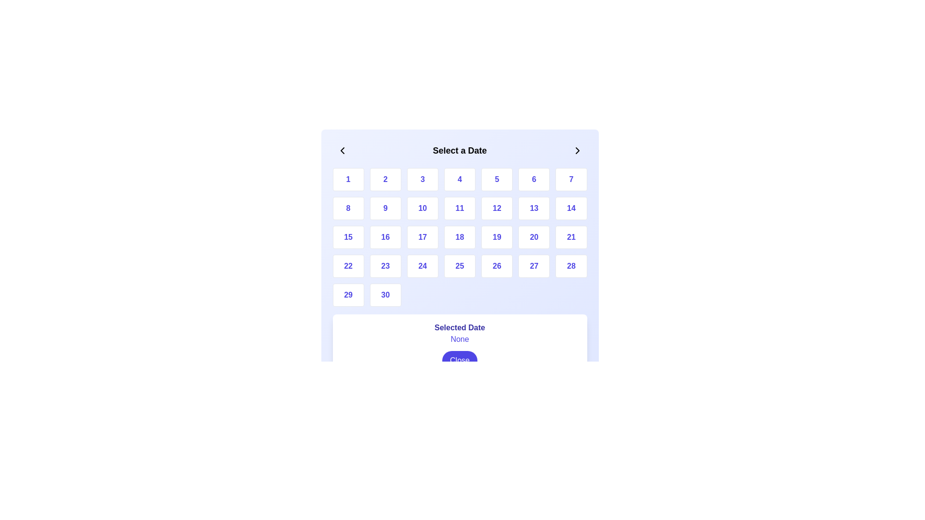 This screenshot has height=520, width=925. What do you see at coordinates (348, 295) in the screenshot?
I see `the rectangular button with a white background and the number '29' in blue text, located` at bounding box center [348, 295].